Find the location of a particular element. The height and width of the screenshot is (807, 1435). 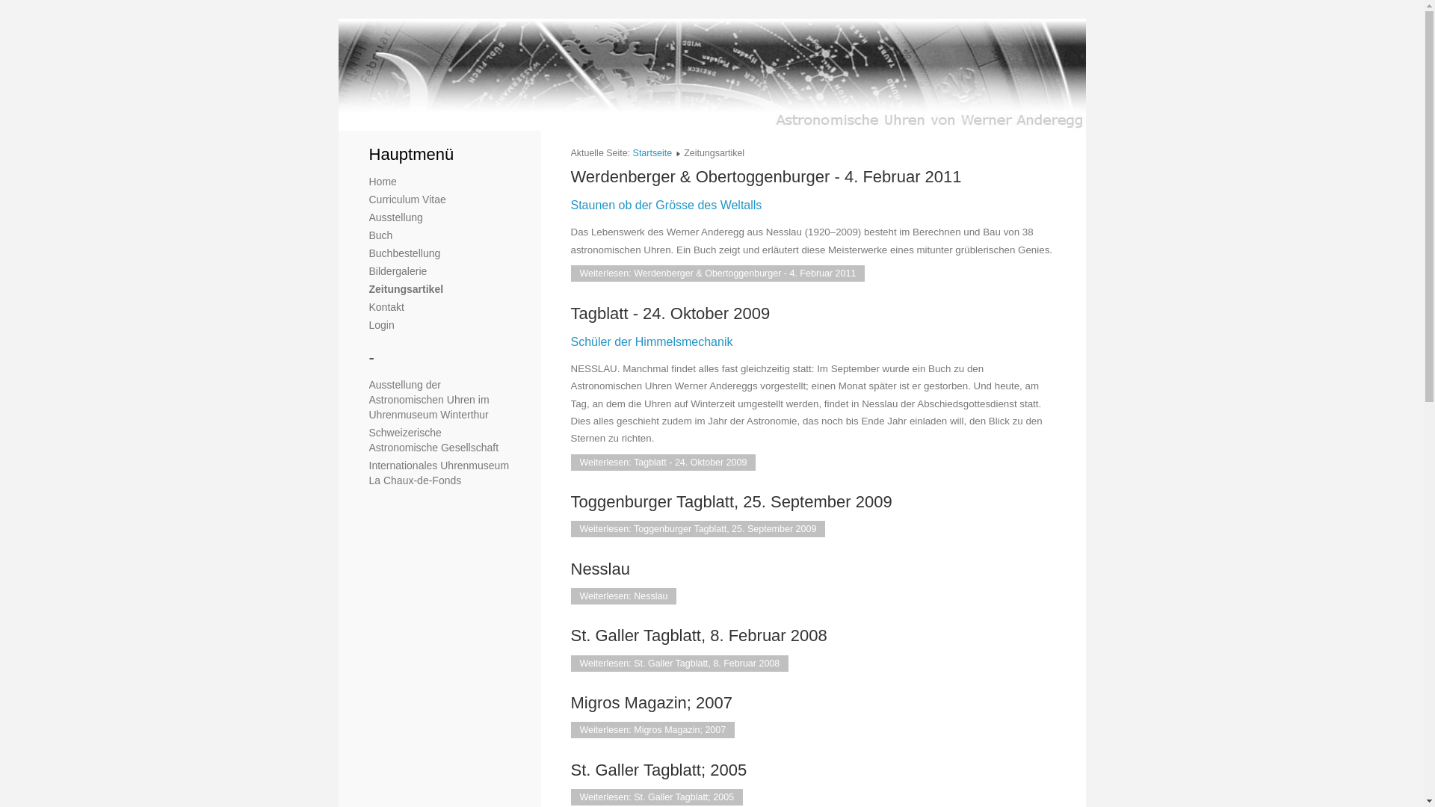

'Weiterlesen: Nesslau' is located at coordinates (624, 596).